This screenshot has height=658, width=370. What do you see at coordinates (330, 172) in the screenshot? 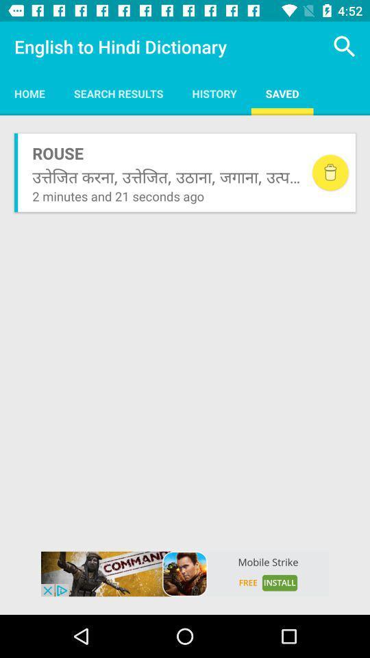
I see `delete` at bounding box center [330, 172].